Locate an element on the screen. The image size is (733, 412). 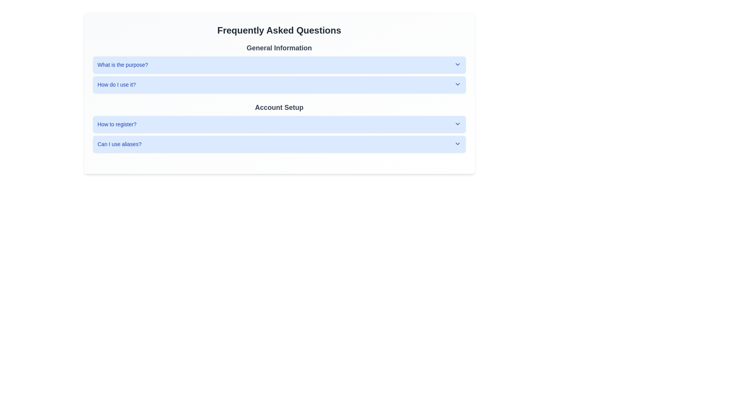
the chevron icon located on the right edge of the 'How to register?' button in the FAQ section is located at coordinates (457, 123).